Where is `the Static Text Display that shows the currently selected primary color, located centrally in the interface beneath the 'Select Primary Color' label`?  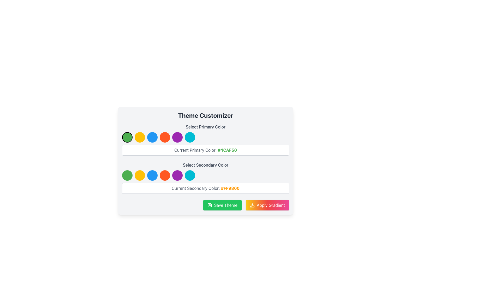 the Static Text Display that shows the currently selected primary color, located centrally in the interface beneath the 'Select Primary Color' label is located at coordinates (205, 150).